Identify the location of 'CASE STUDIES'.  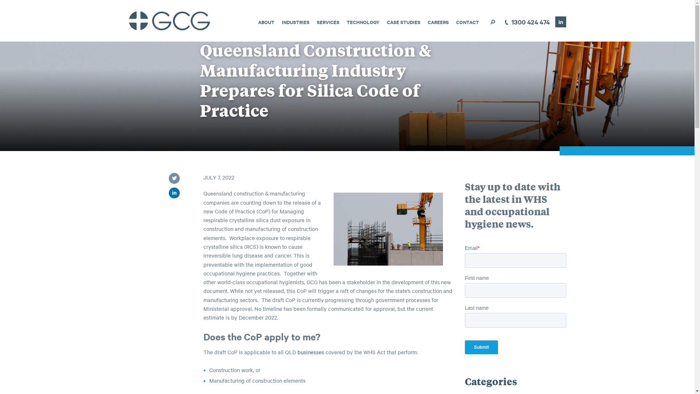
(402, 22).